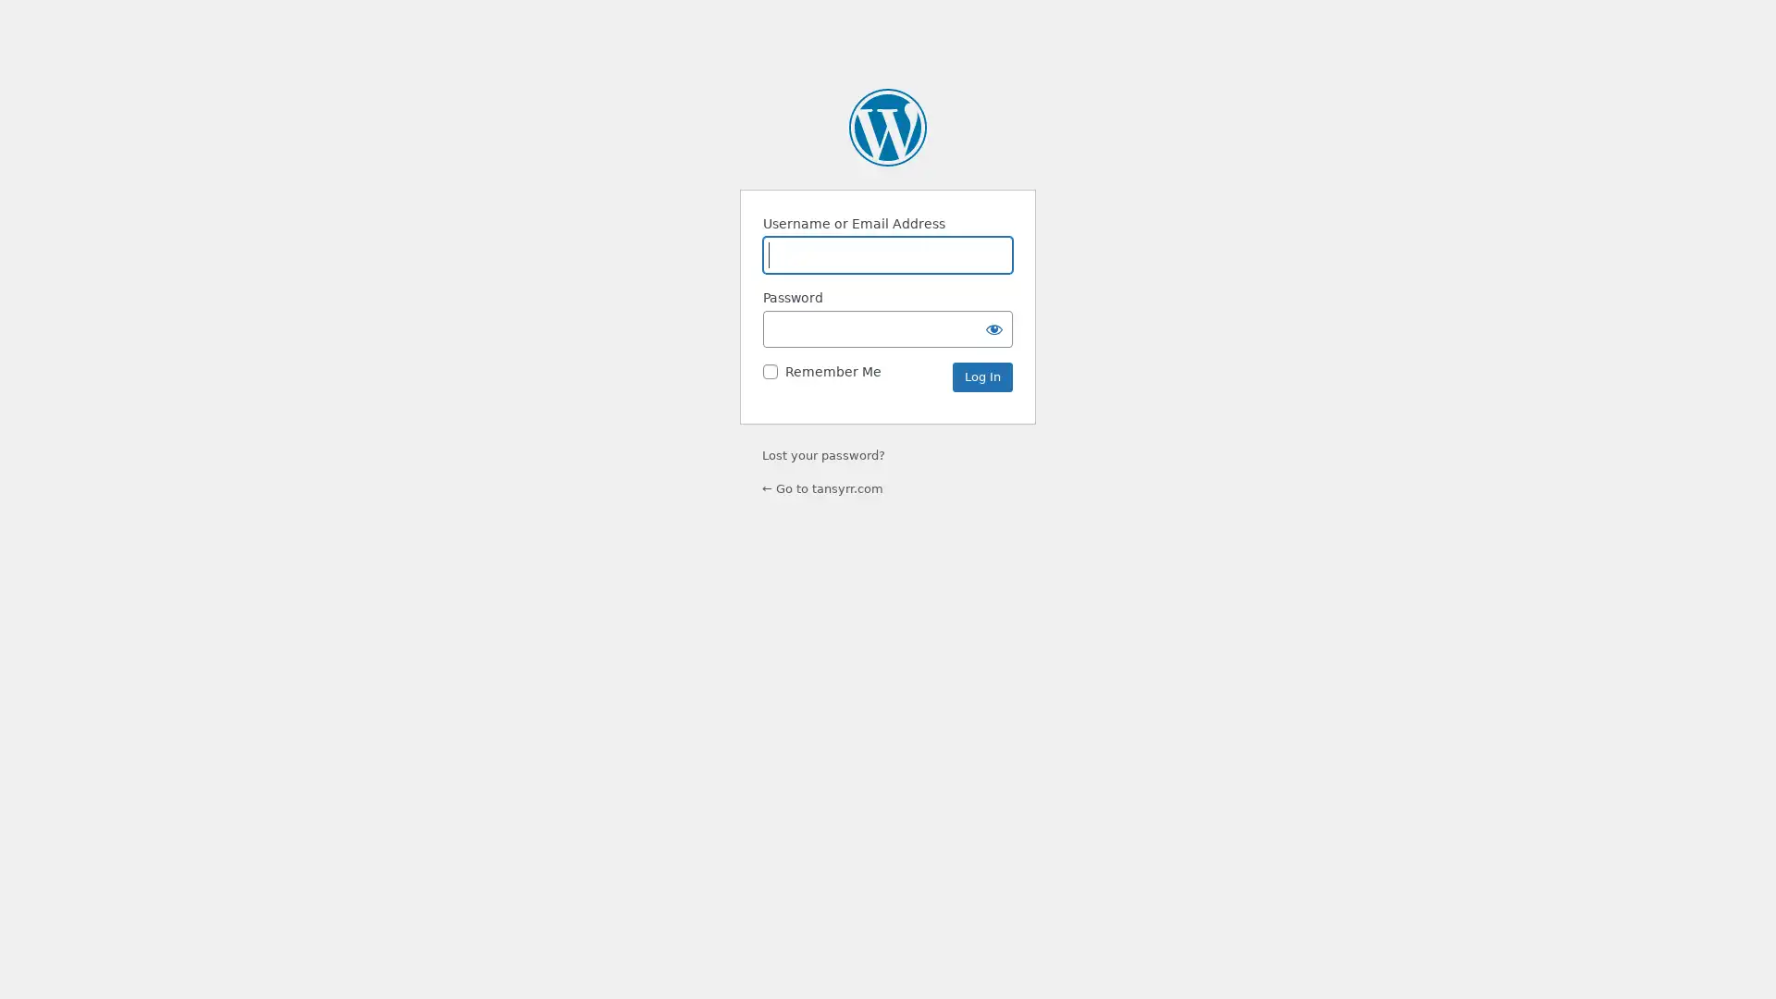  I want to click on Log In, so click(981, 376).